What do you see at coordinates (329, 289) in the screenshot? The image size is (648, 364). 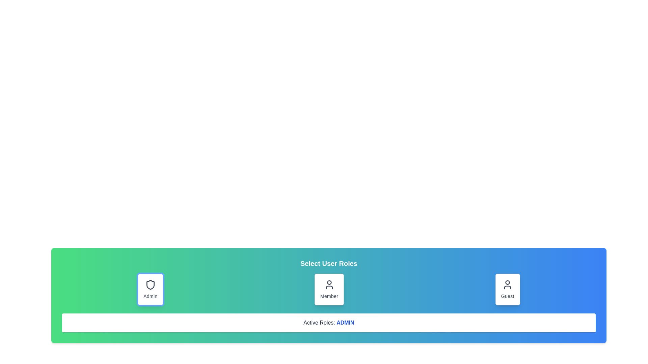 I see `the role button Member to inspect its hover and focus effects` at bounding box center [329, 289].